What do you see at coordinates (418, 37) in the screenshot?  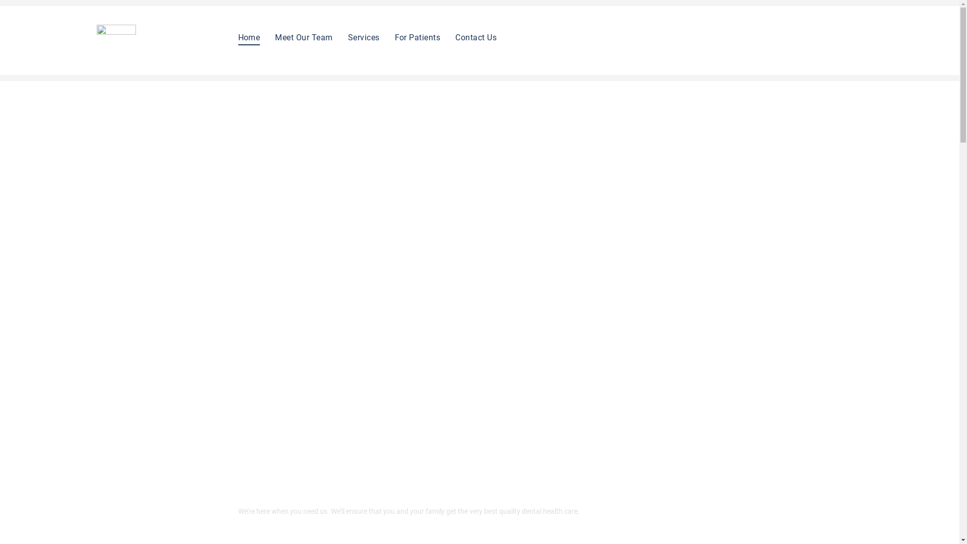 I see `'For Patients'` at bounding box center [418, 37].